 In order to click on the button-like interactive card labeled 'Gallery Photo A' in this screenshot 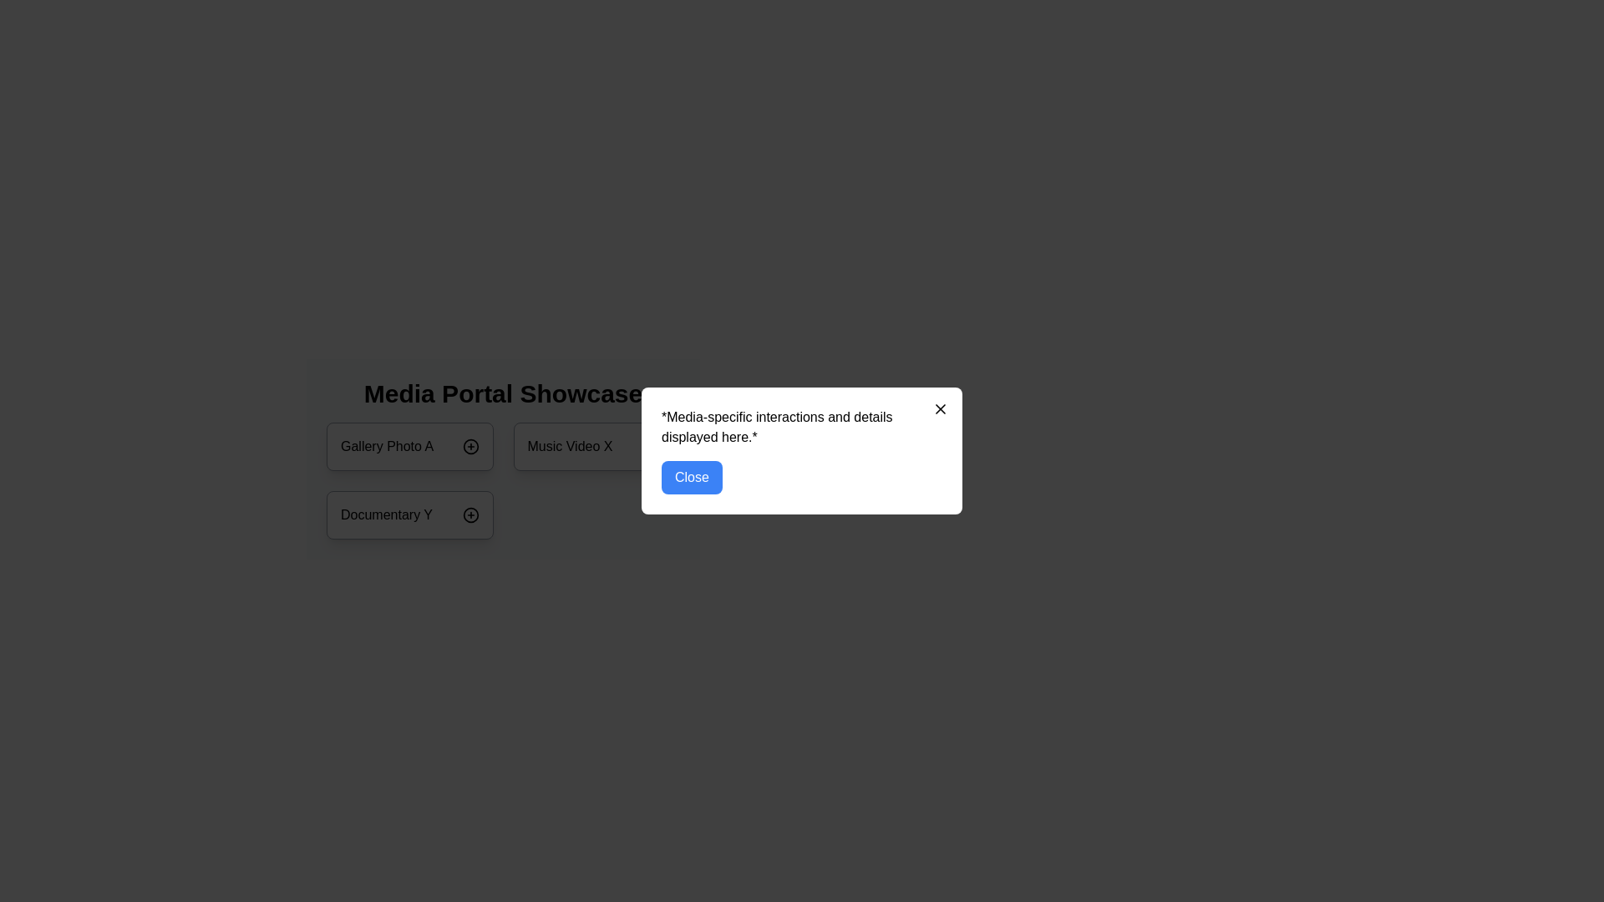, I will do `click(409, 446)`.